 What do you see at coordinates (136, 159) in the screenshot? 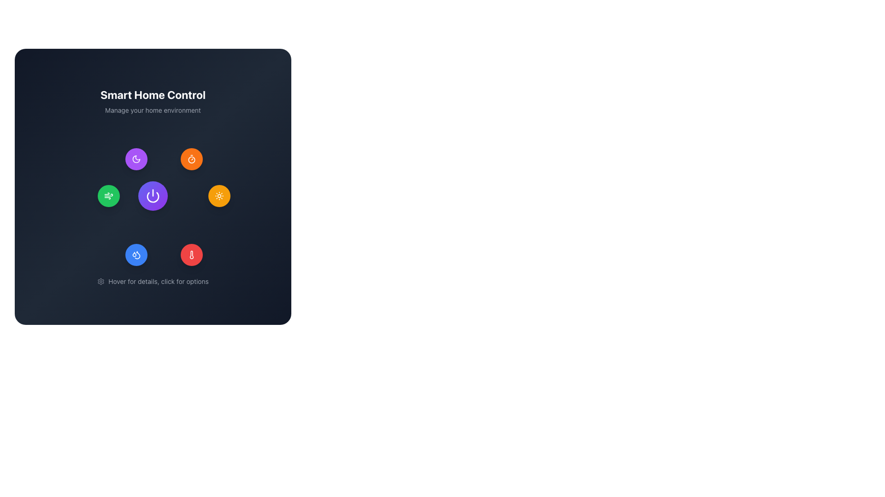
I see `the crescent moon icon, which is styled with a purple circular background and is located in the top-left position of the circular icon grid` at bounding box center [136, 159].